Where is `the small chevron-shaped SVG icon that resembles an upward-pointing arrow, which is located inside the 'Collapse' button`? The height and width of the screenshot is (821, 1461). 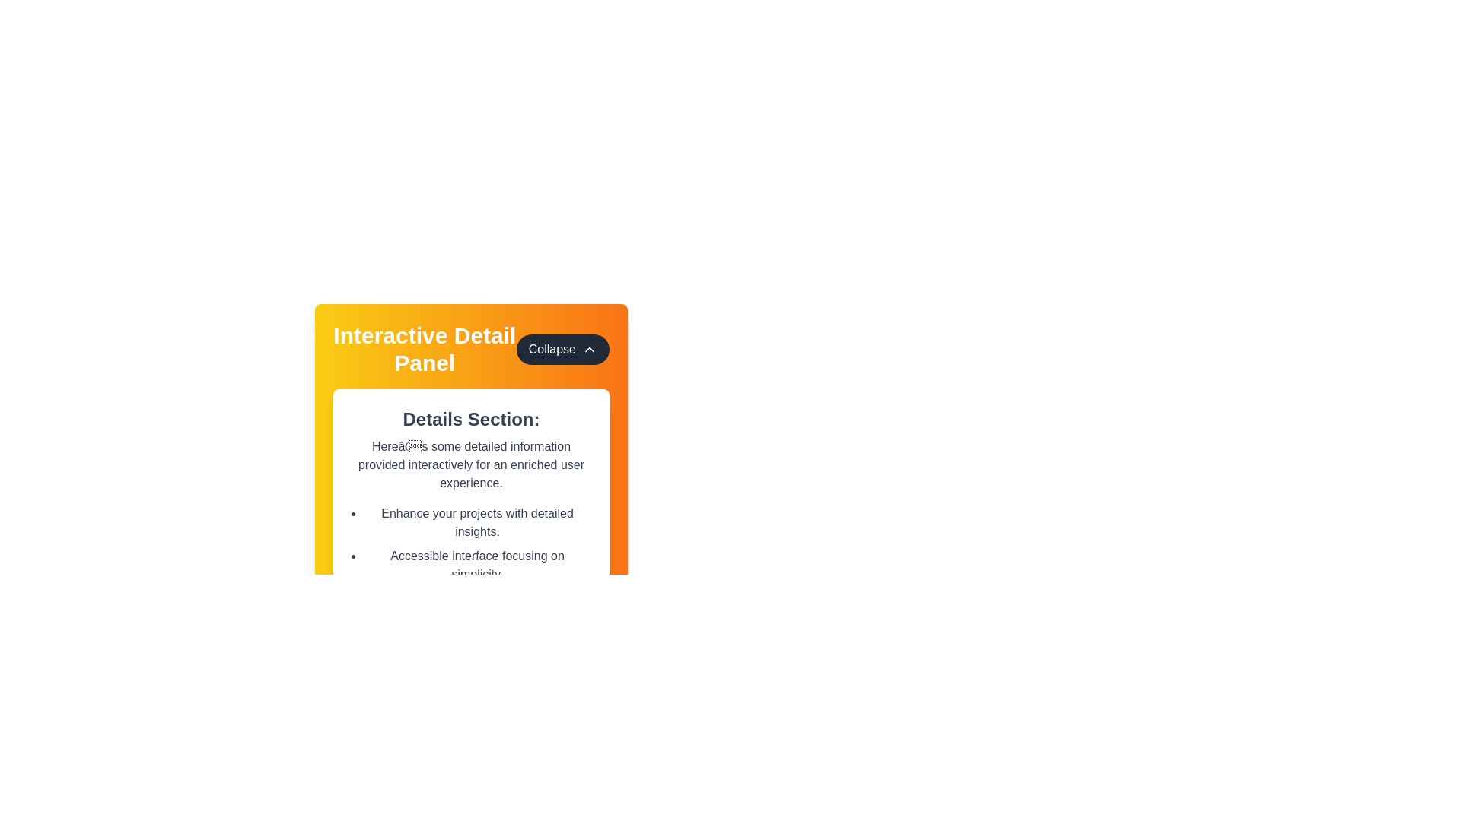 the small chevron-shaped SVG icon that resembles an upward-pointing arrow, which is located inside the 'Collapse' button is located at coordinates (588, 349).